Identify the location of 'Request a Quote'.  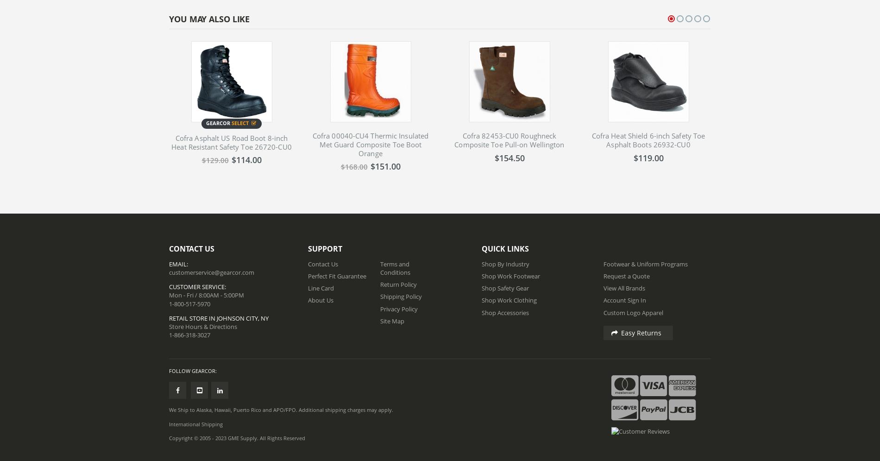
(603, 276).